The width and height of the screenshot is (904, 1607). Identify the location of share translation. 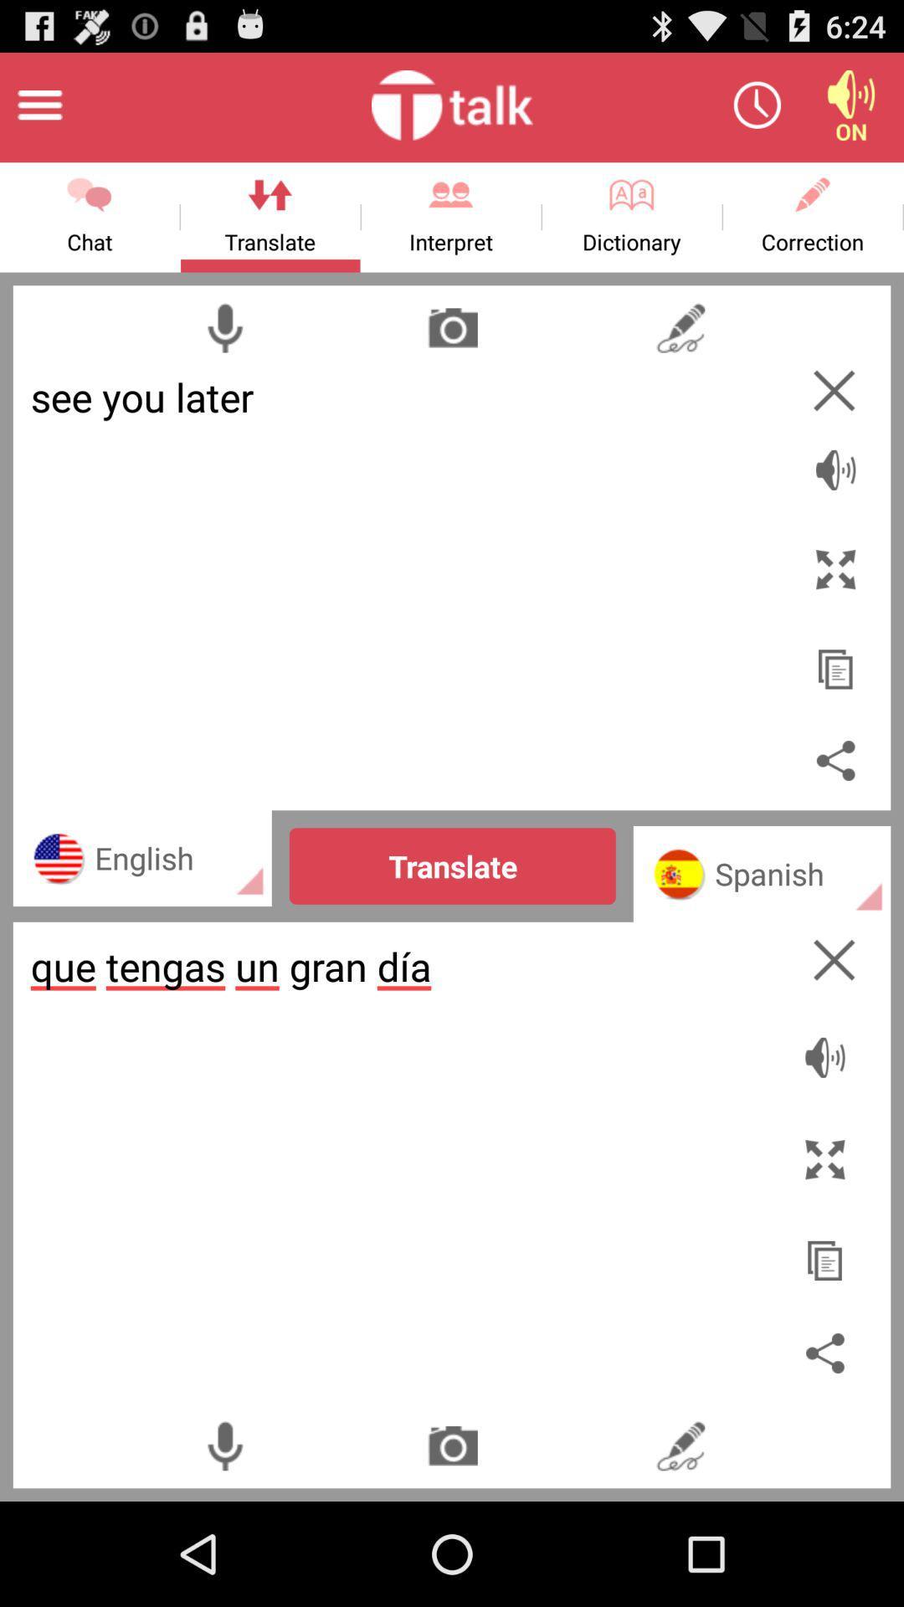
(829, 1353).